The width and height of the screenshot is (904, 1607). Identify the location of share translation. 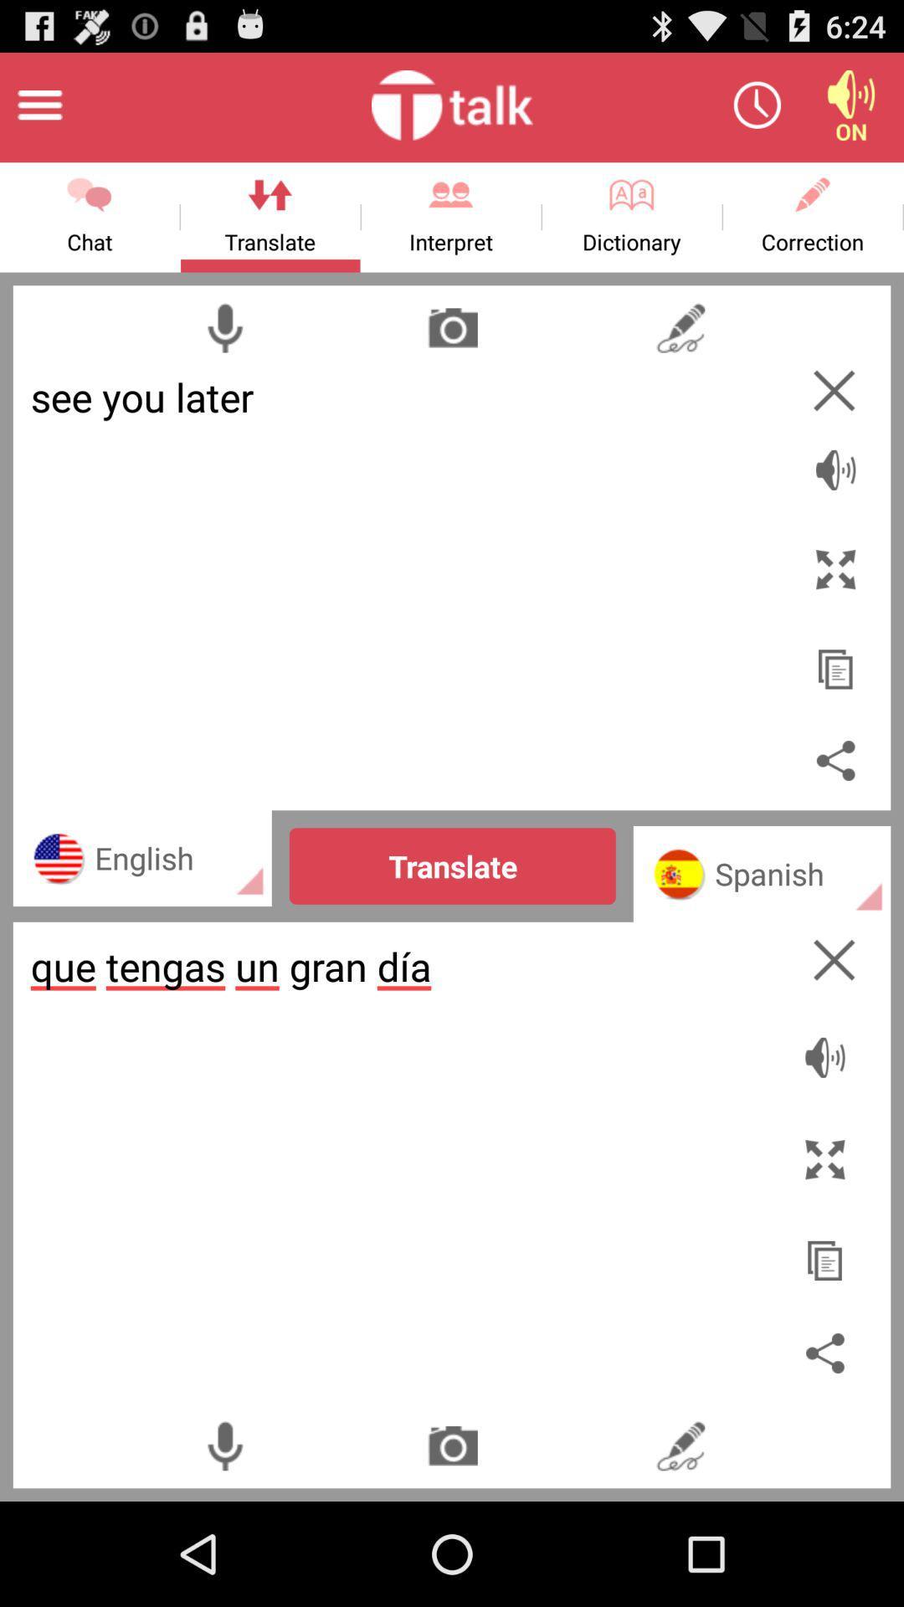
(829, 1353).